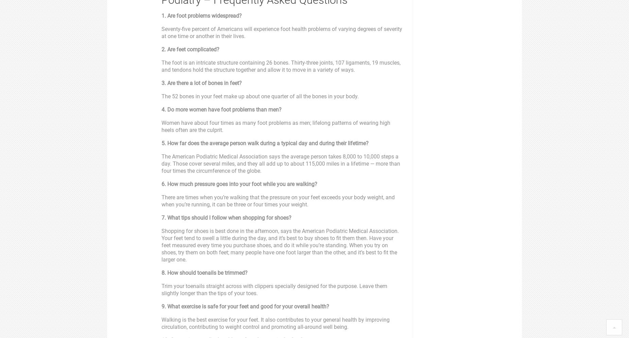 This screenshot has width=629, height=338. Describe the element at coordinates (275, 323) in the screenshot. I see `'Walking is the best exercise for your feet. It also contributes to your general health by improving circulation, contributing to weight control and promoting all-around well being.'` at that location.